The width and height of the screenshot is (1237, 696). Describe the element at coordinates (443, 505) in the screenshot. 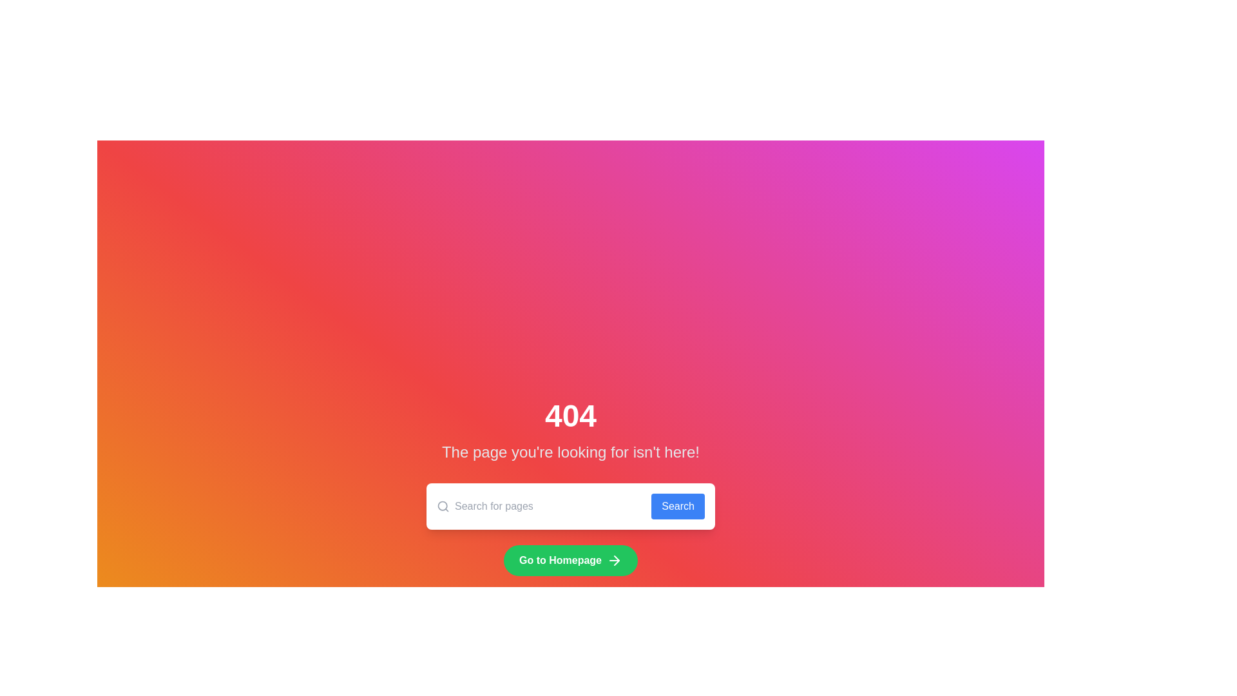

I see `the larger circular part of the magnifying glass icon located in the left section of the search bar next to the placeholder text 'Search for pages'` at that location.